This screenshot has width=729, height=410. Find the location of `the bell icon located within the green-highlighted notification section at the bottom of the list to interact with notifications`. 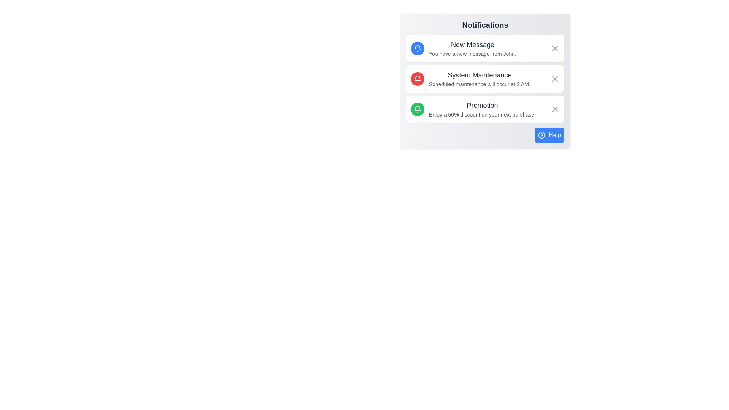

the bell icon located within the green-highlighted notification section at the bottom of the list to interact with notifications is located at coordinates (417, 109).